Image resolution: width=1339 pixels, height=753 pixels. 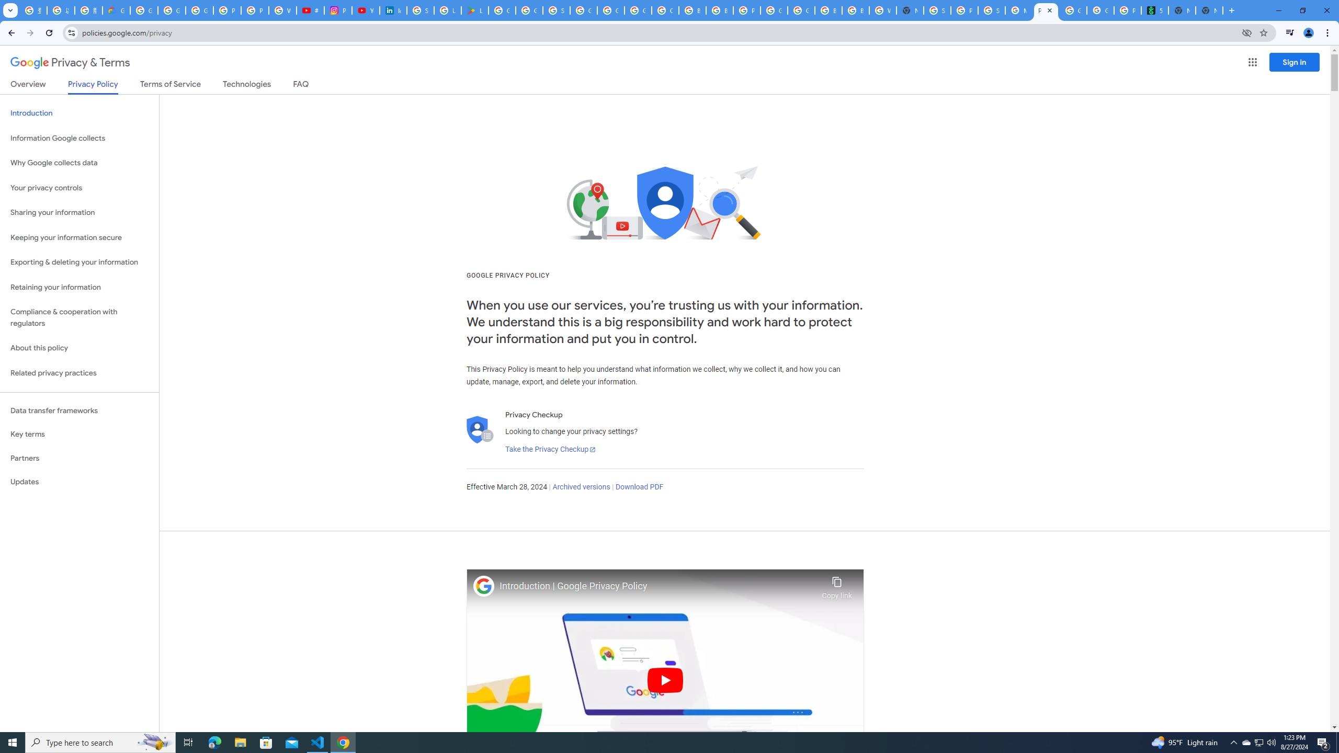 What do you see at coordinates (1209, 10) in the screenshot?
I see `'New Tab'` at bounding box center [1209, 10].